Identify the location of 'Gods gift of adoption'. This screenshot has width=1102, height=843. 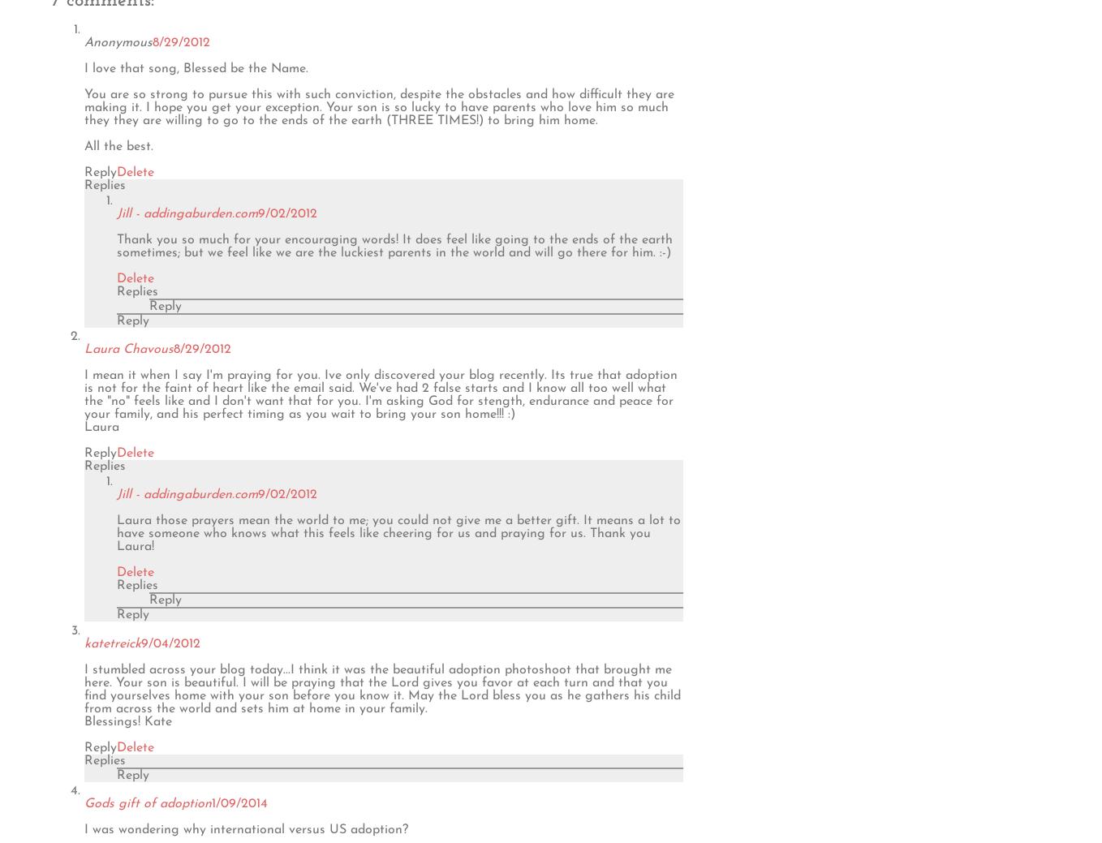
(148, 802).